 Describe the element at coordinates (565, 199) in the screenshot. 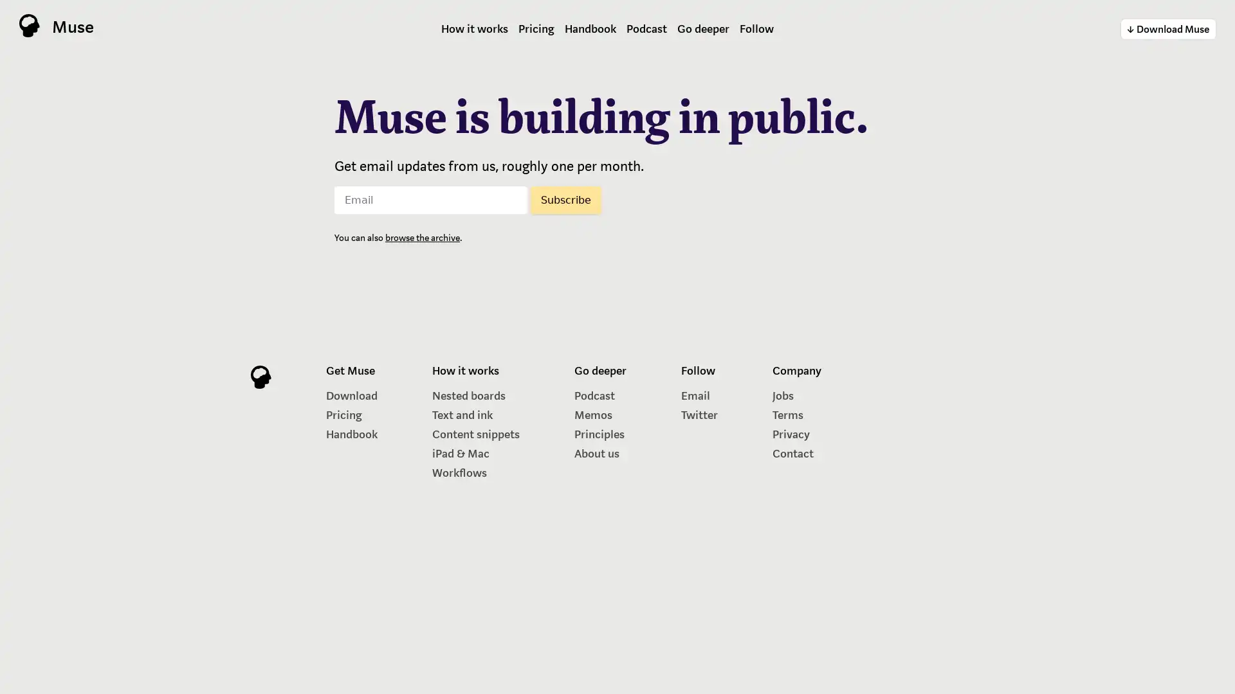

I see `Subscribe` at that location.